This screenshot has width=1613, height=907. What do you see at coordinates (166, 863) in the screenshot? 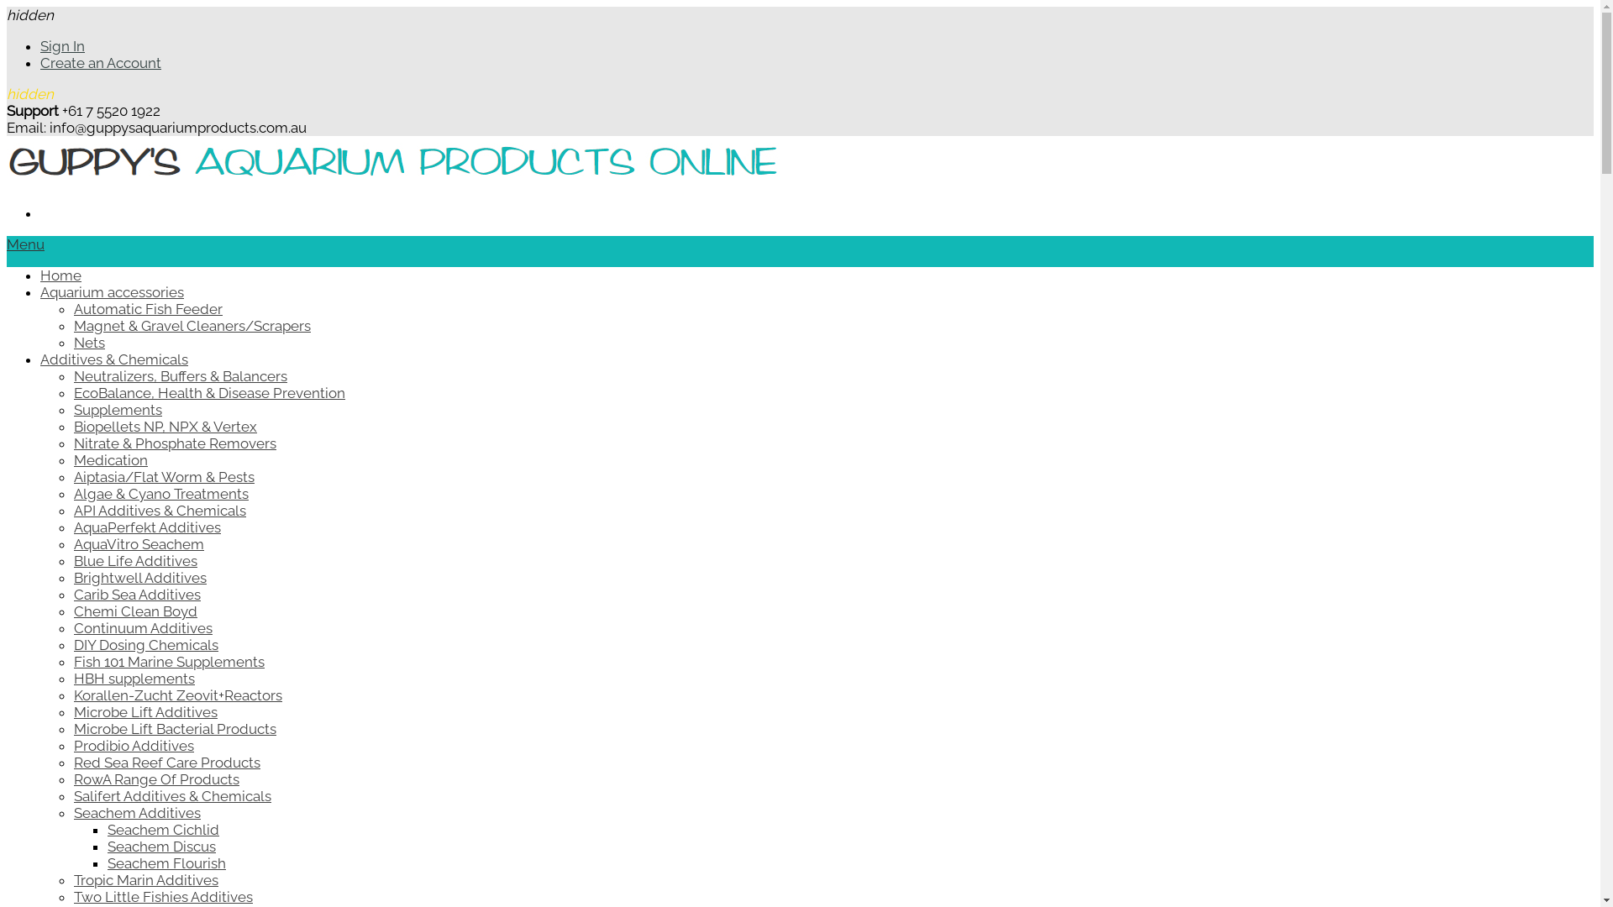
I see `'Seachem Flourish'` at bounding box center [166, 863].